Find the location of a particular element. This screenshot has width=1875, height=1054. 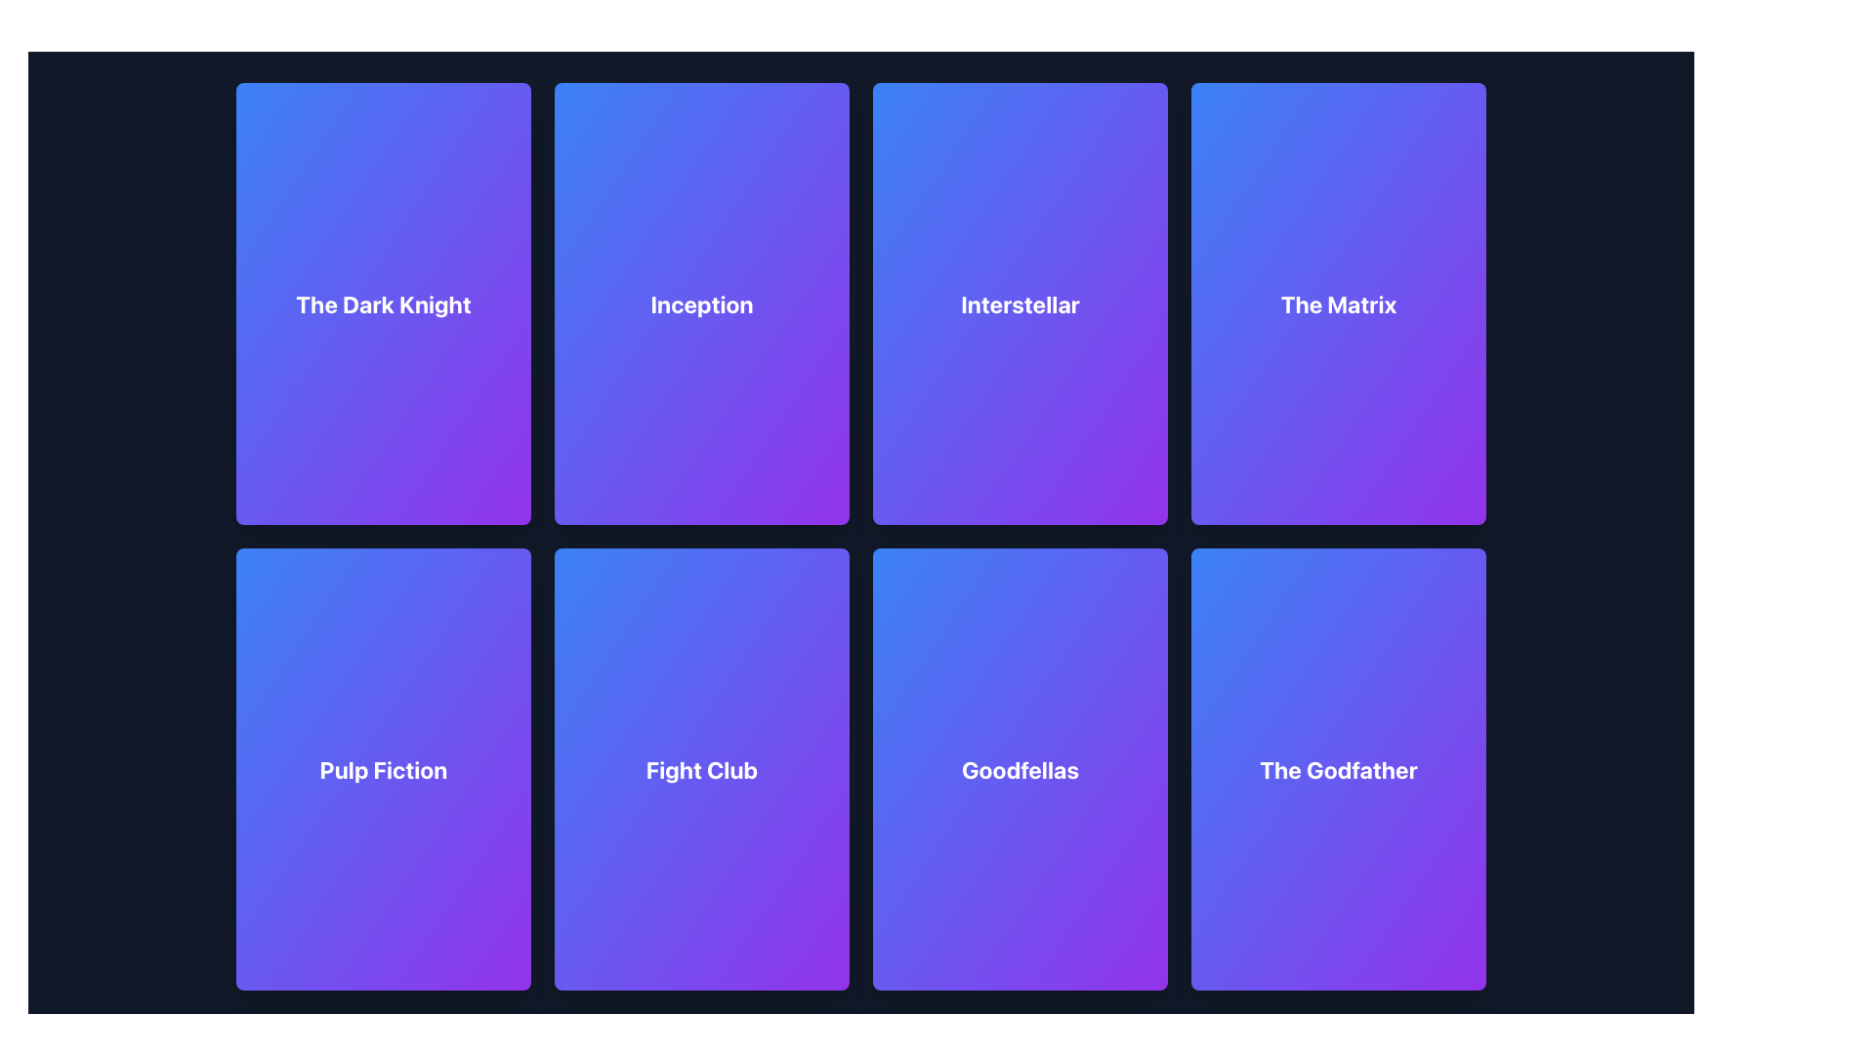

the card representing an item is located at coordinates (702, 767).